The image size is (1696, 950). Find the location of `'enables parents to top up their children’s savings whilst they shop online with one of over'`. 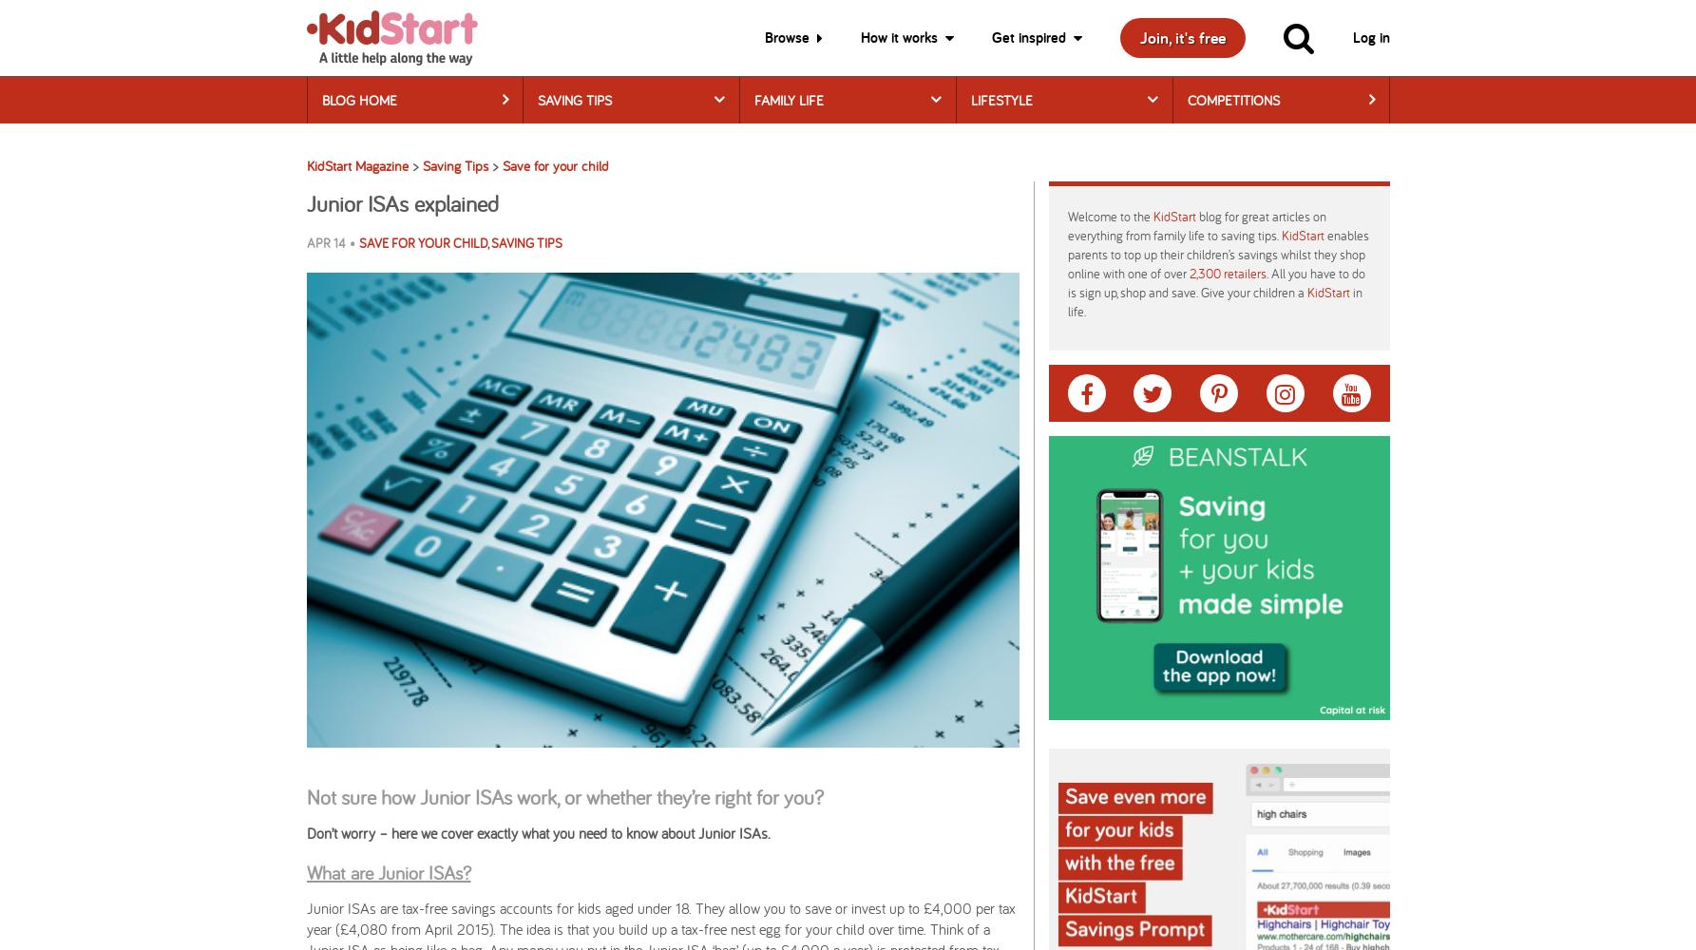

'enables parents to top up their children’s savings whilst they shop online with one of over' is located at coordinates (1217, 254).